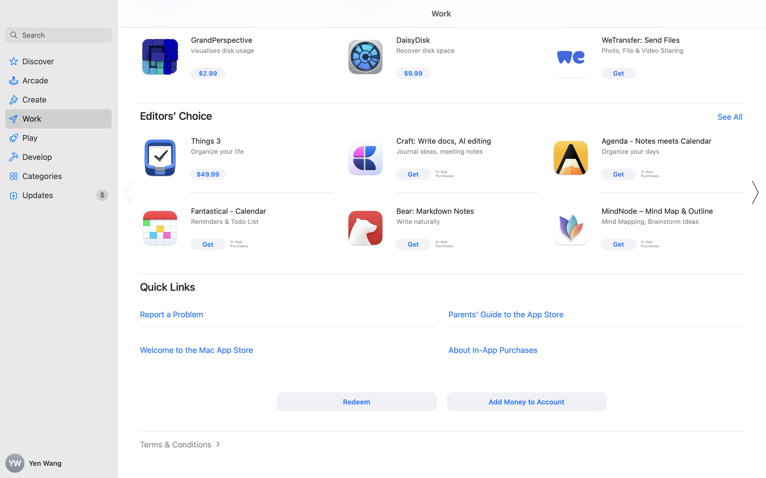 The image size is (766, 478). Describe the element at coordinates (176, 115) in the screenshot. I see `'Editors’ Choice'` at that location.